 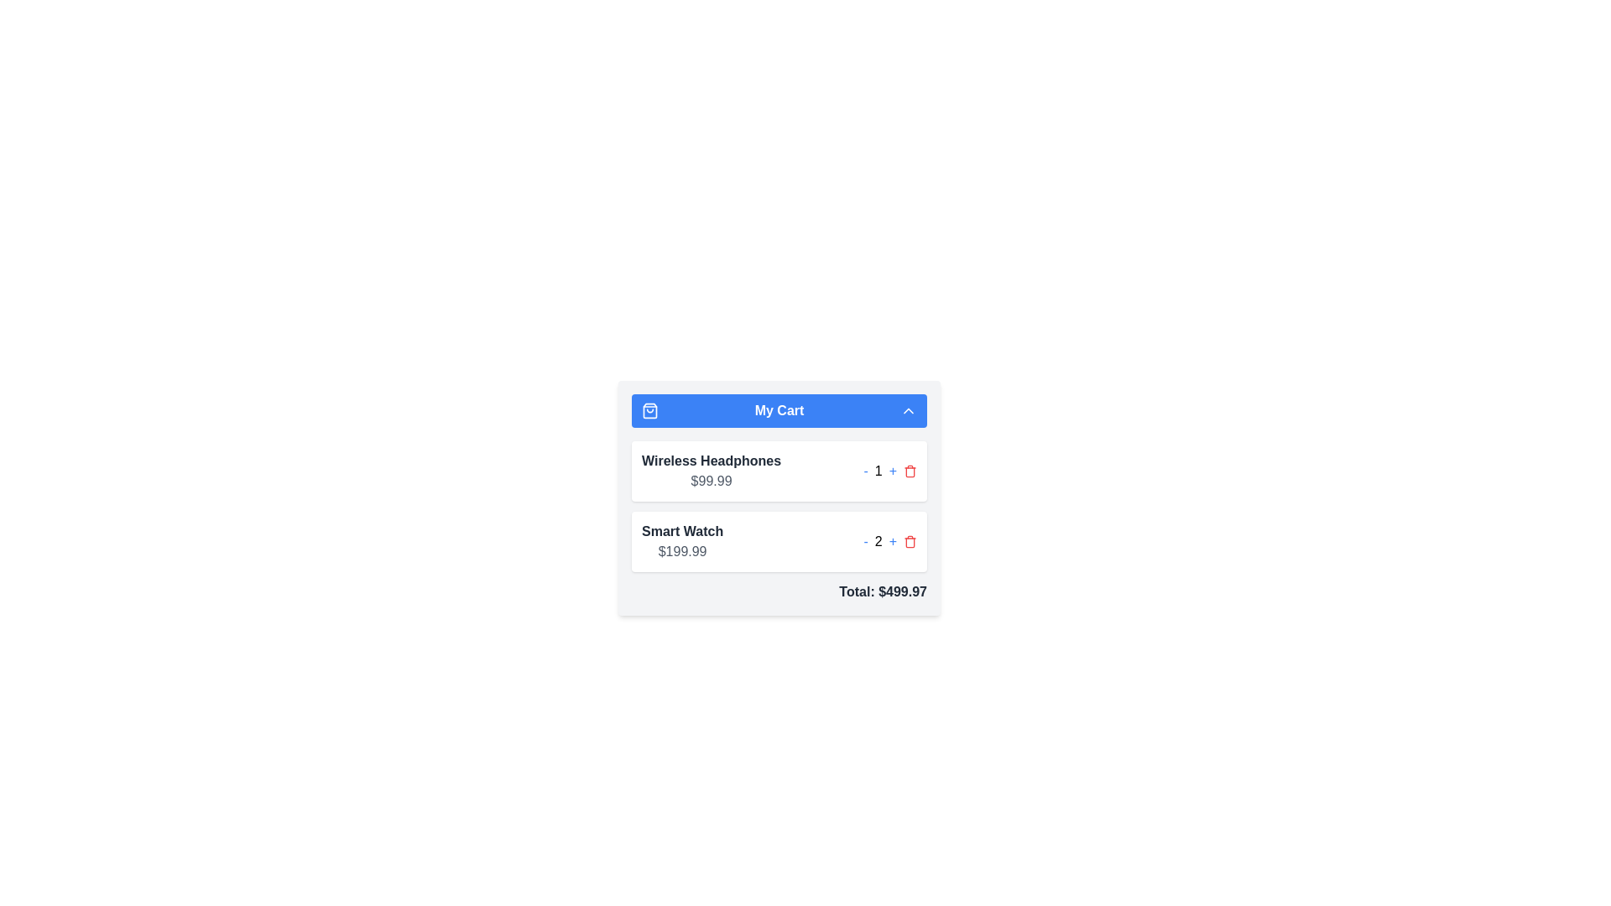 What do you see at coordinates (682, 552) in the screenshot?
I see `displayed price label for the product 'Smart Watch' located in the shopping cart, positioned below the product name` at bounding box center [682, 552].